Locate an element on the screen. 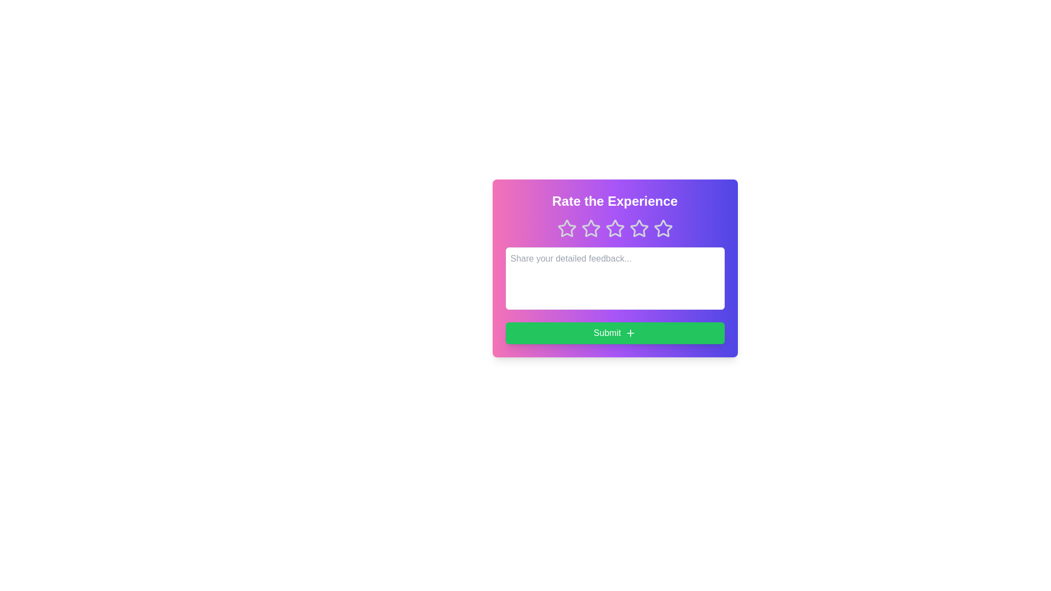 The image size is (1051, 591). the star corresponding to the desired rating 3 is located at coordinates (615, 228).